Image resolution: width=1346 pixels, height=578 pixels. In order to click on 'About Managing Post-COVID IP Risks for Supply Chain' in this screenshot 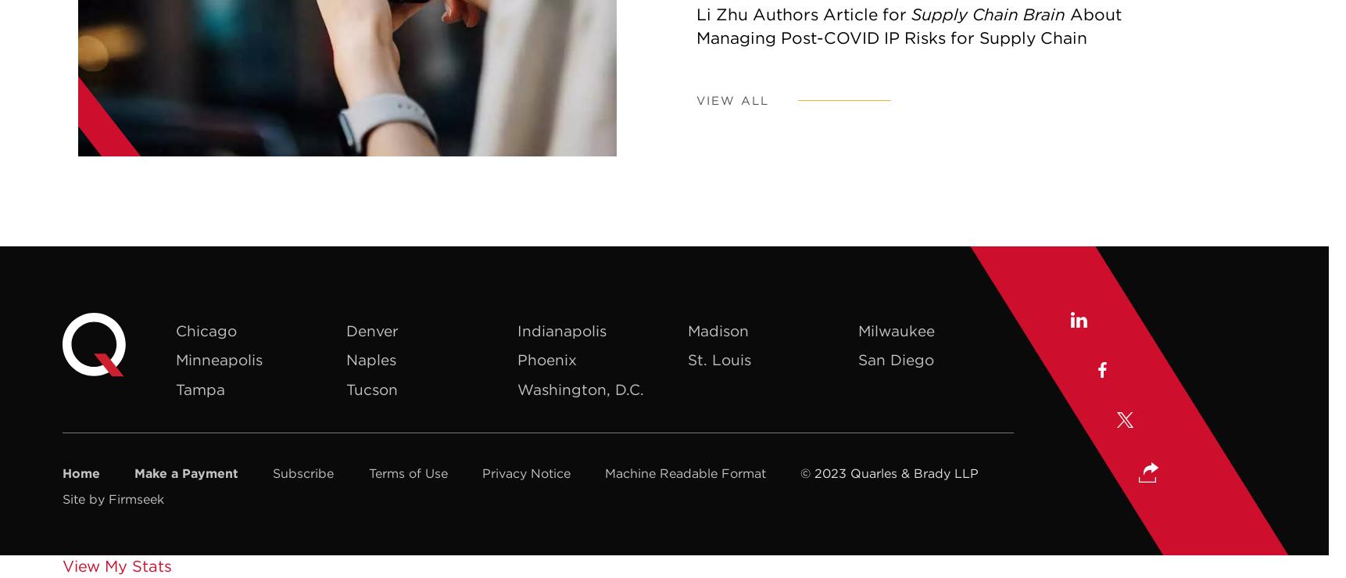, I will do `click(909, 25)`.